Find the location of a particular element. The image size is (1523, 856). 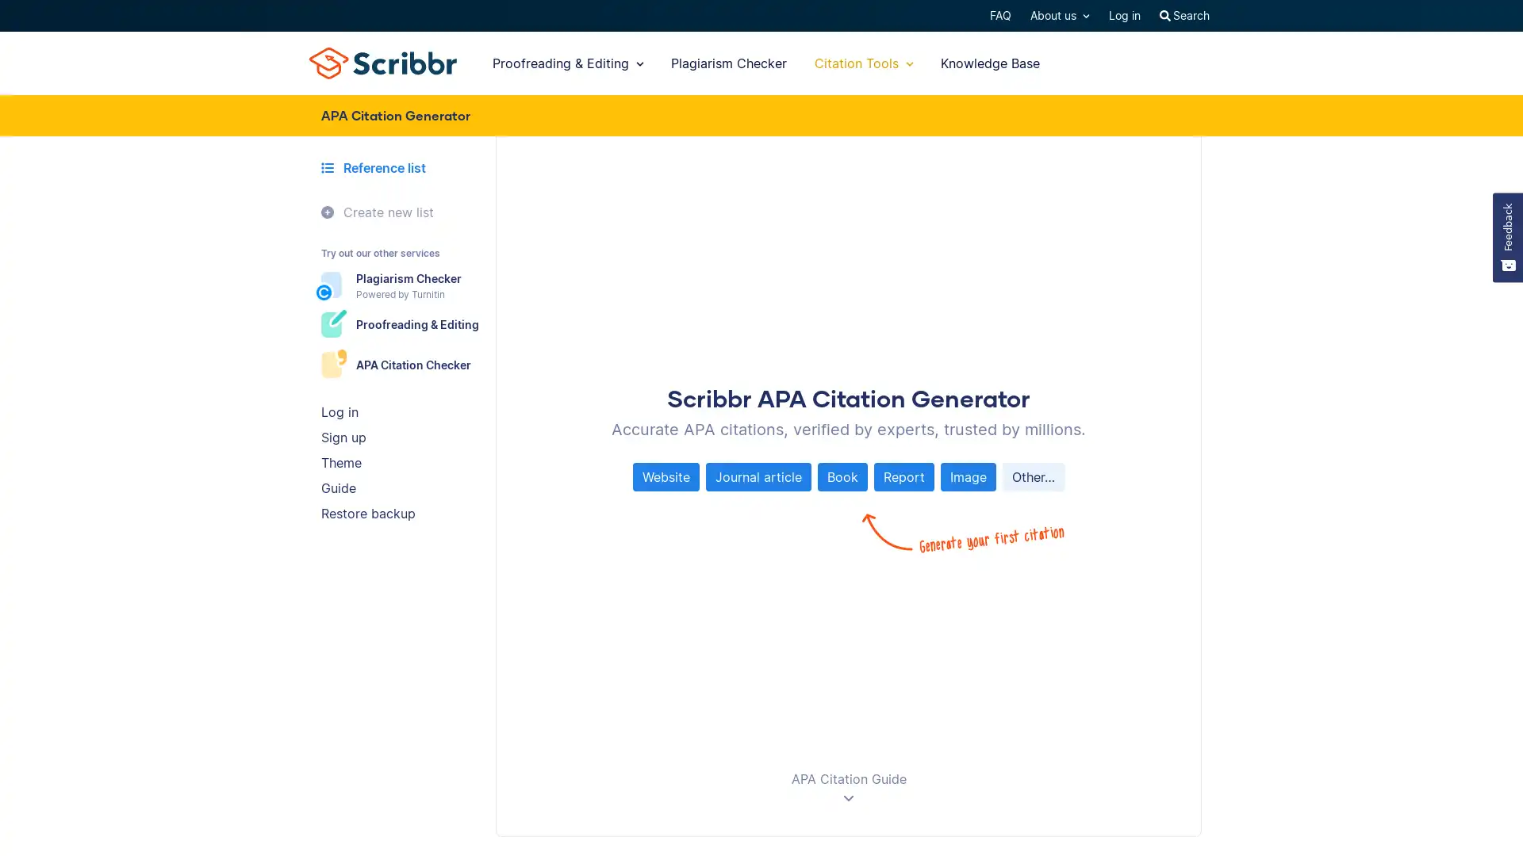

Reference list is located at coordinates (398, 168).